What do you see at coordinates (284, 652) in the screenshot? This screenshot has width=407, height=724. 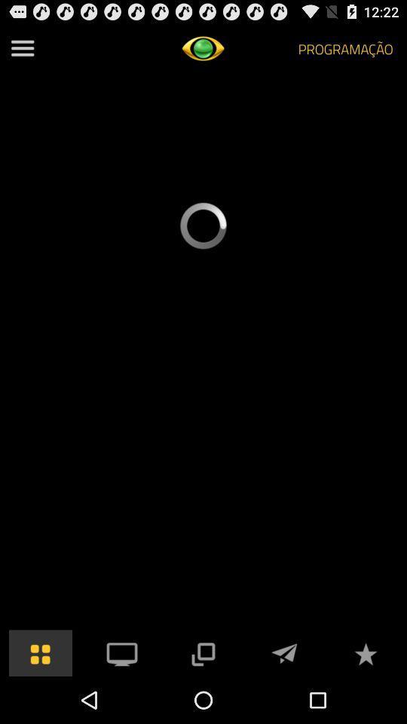 I see `send file` at bounding box center [284, 652].